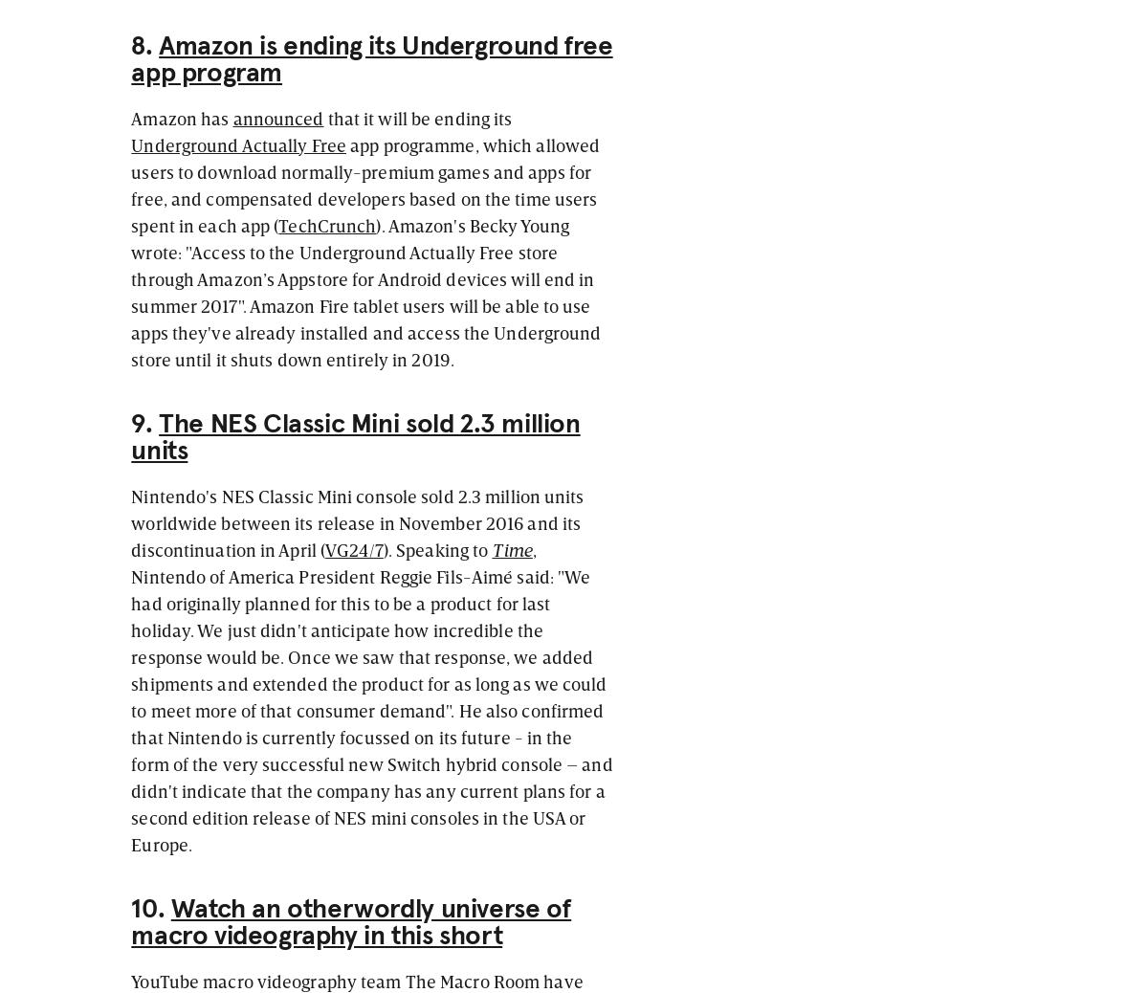 Image resolution: width=1148 pixels, height=993 pixels. Describe the element at coordinates (353, 547) in the screenshot. I see `'VG24/7'` at that location.